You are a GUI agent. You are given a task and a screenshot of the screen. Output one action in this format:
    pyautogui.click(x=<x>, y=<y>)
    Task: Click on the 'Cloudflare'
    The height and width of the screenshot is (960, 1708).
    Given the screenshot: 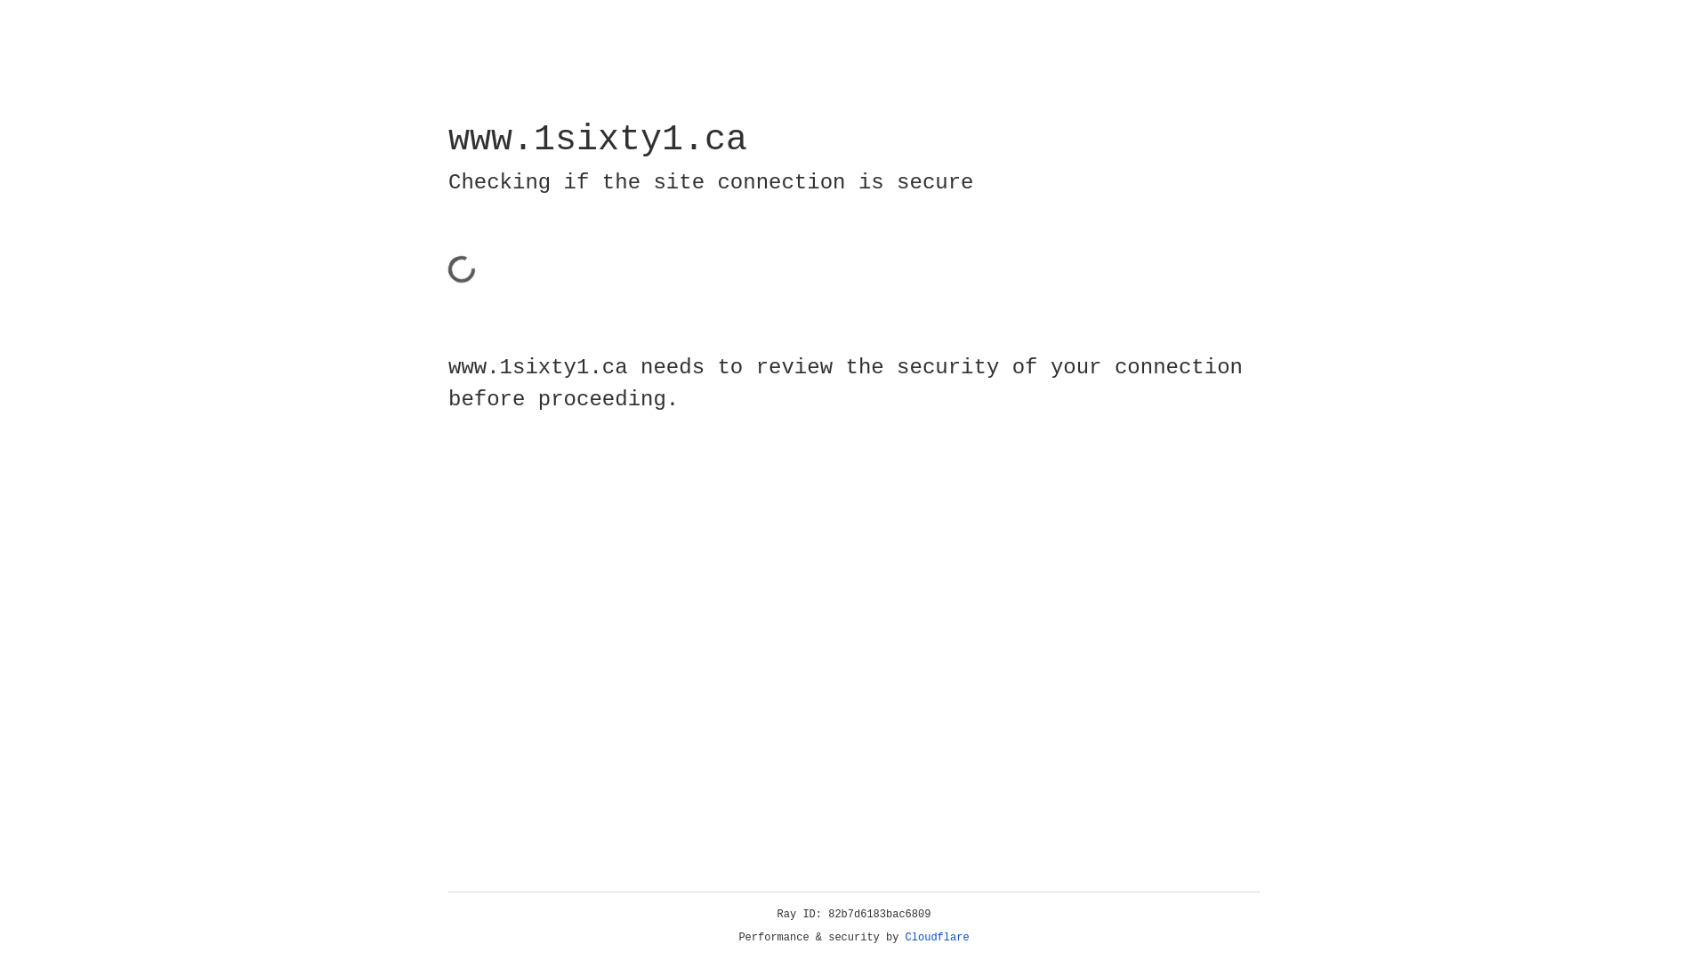 What is the action you would take?
    pyautogui.click(x=937, y=937)
    